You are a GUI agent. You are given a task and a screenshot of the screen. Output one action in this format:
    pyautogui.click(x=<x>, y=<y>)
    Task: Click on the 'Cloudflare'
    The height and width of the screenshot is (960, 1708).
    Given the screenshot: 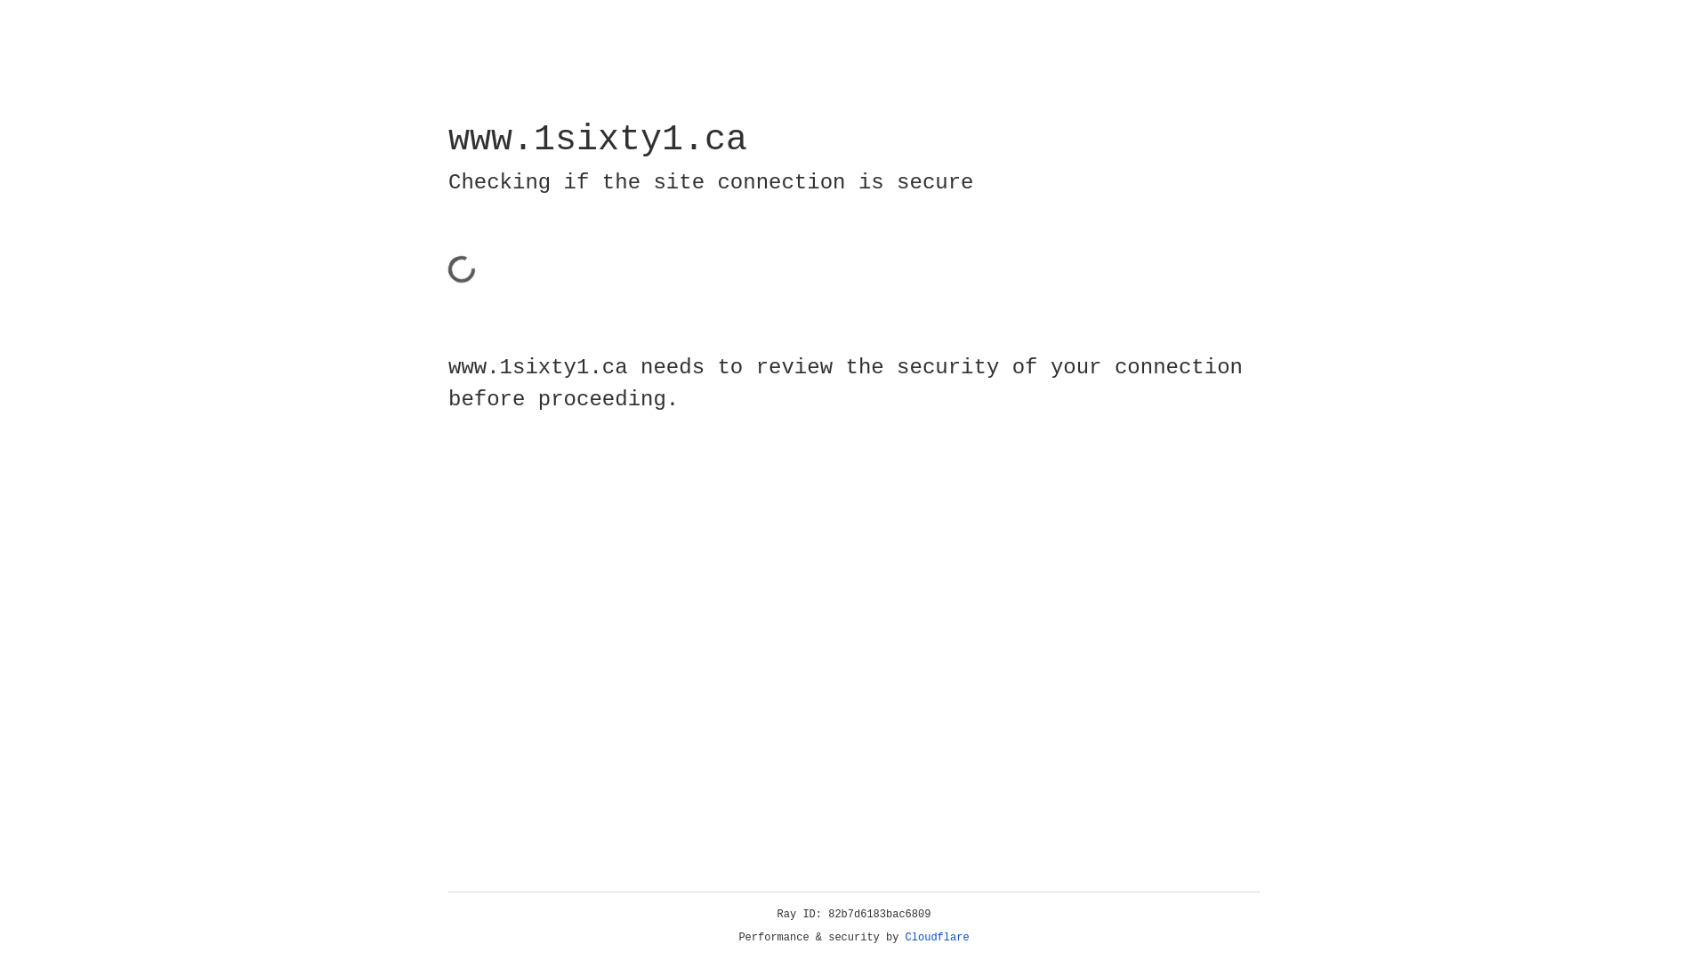 What is the action you would take?
    pyautogui.click(x=937, y=937)
    